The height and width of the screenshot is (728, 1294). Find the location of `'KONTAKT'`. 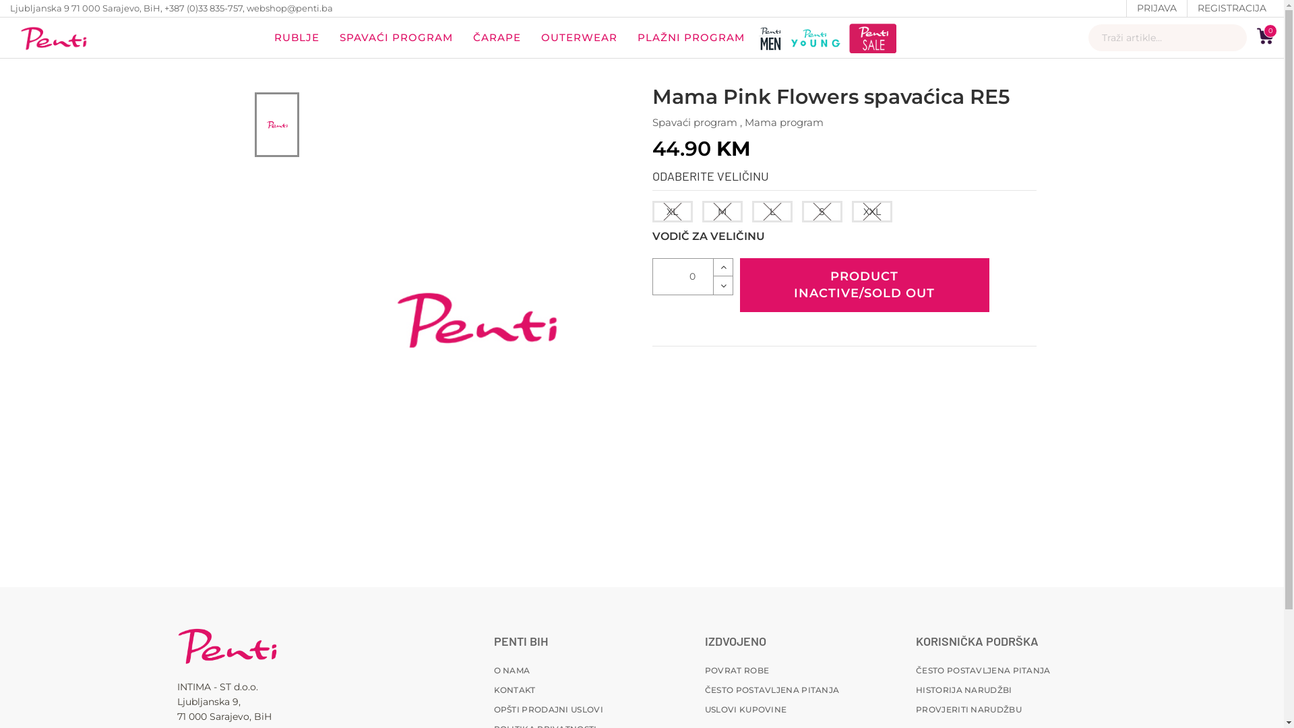

'KONTAKT' is located at coordinates (514, 690).